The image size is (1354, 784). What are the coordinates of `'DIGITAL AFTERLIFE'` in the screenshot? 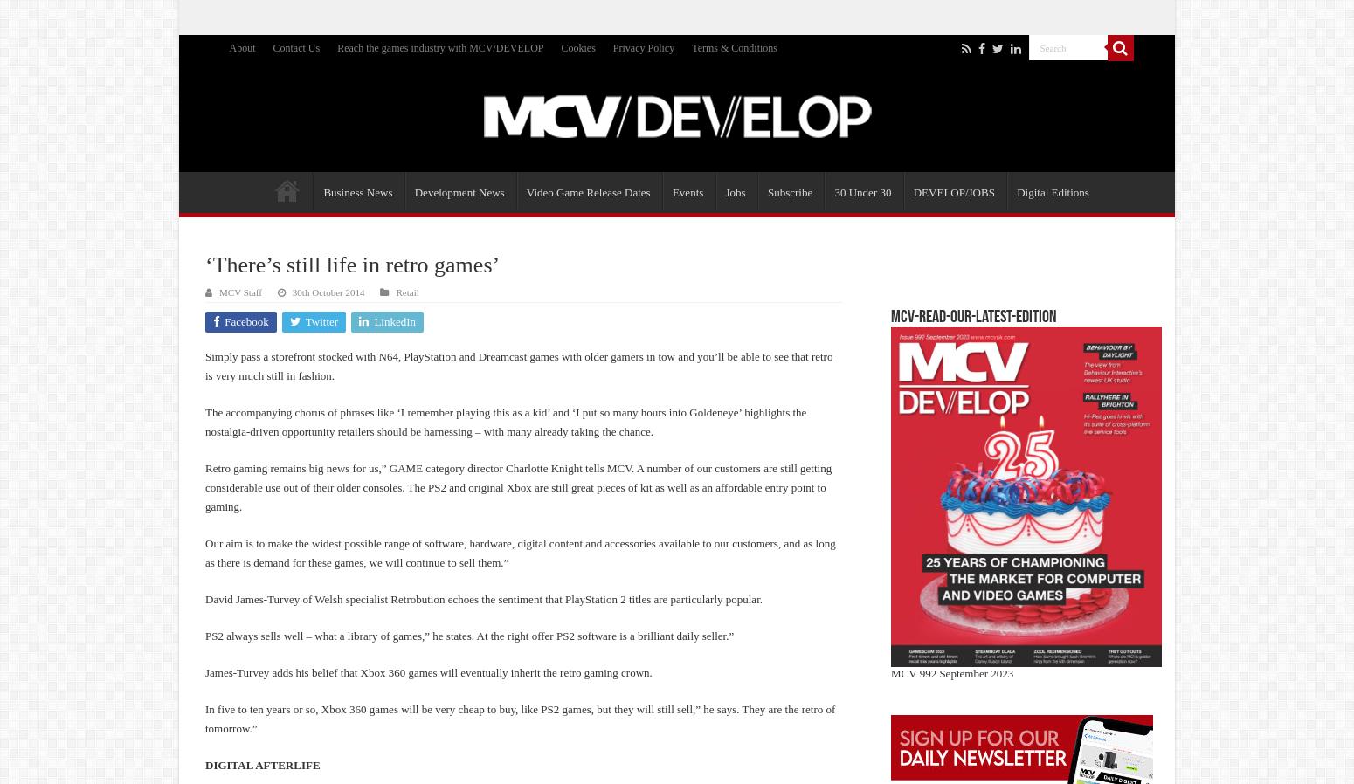 It's located at (204, 765).